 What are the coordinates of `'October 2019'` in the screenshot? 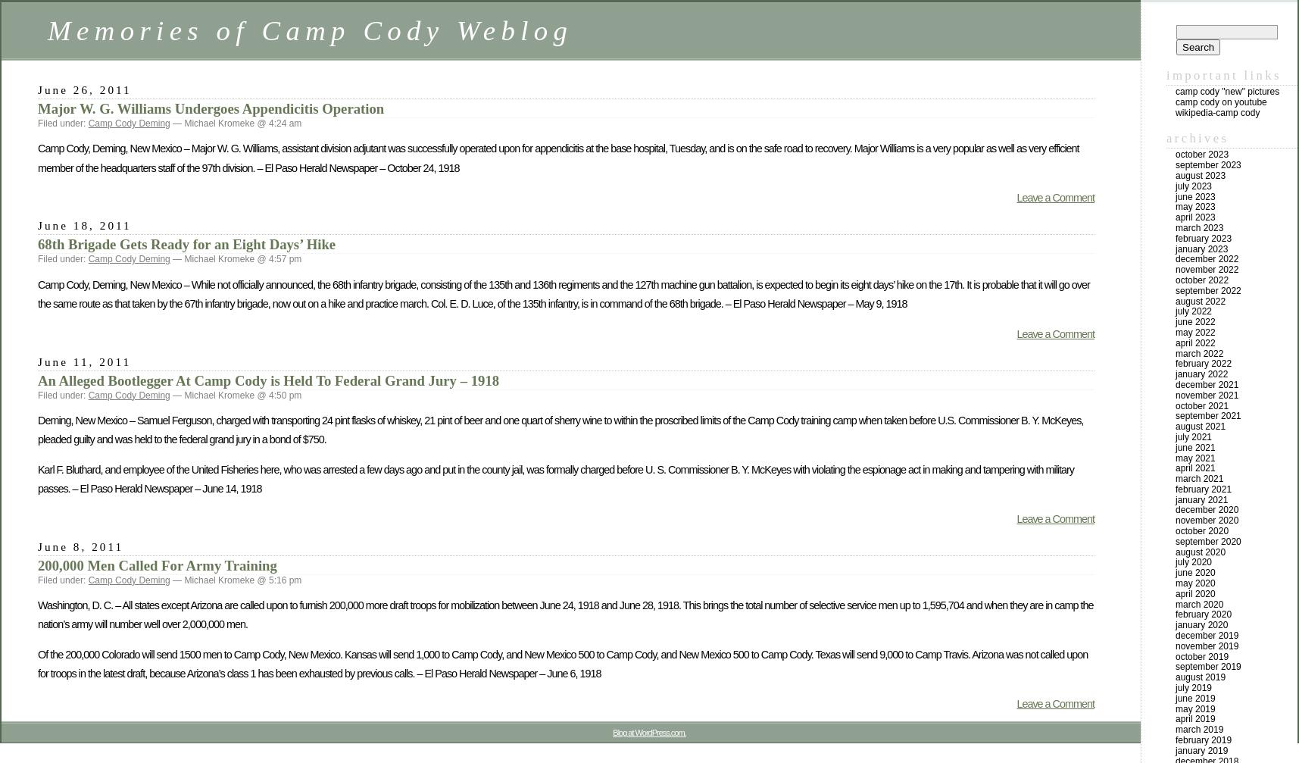 It's located at (1201, 655).